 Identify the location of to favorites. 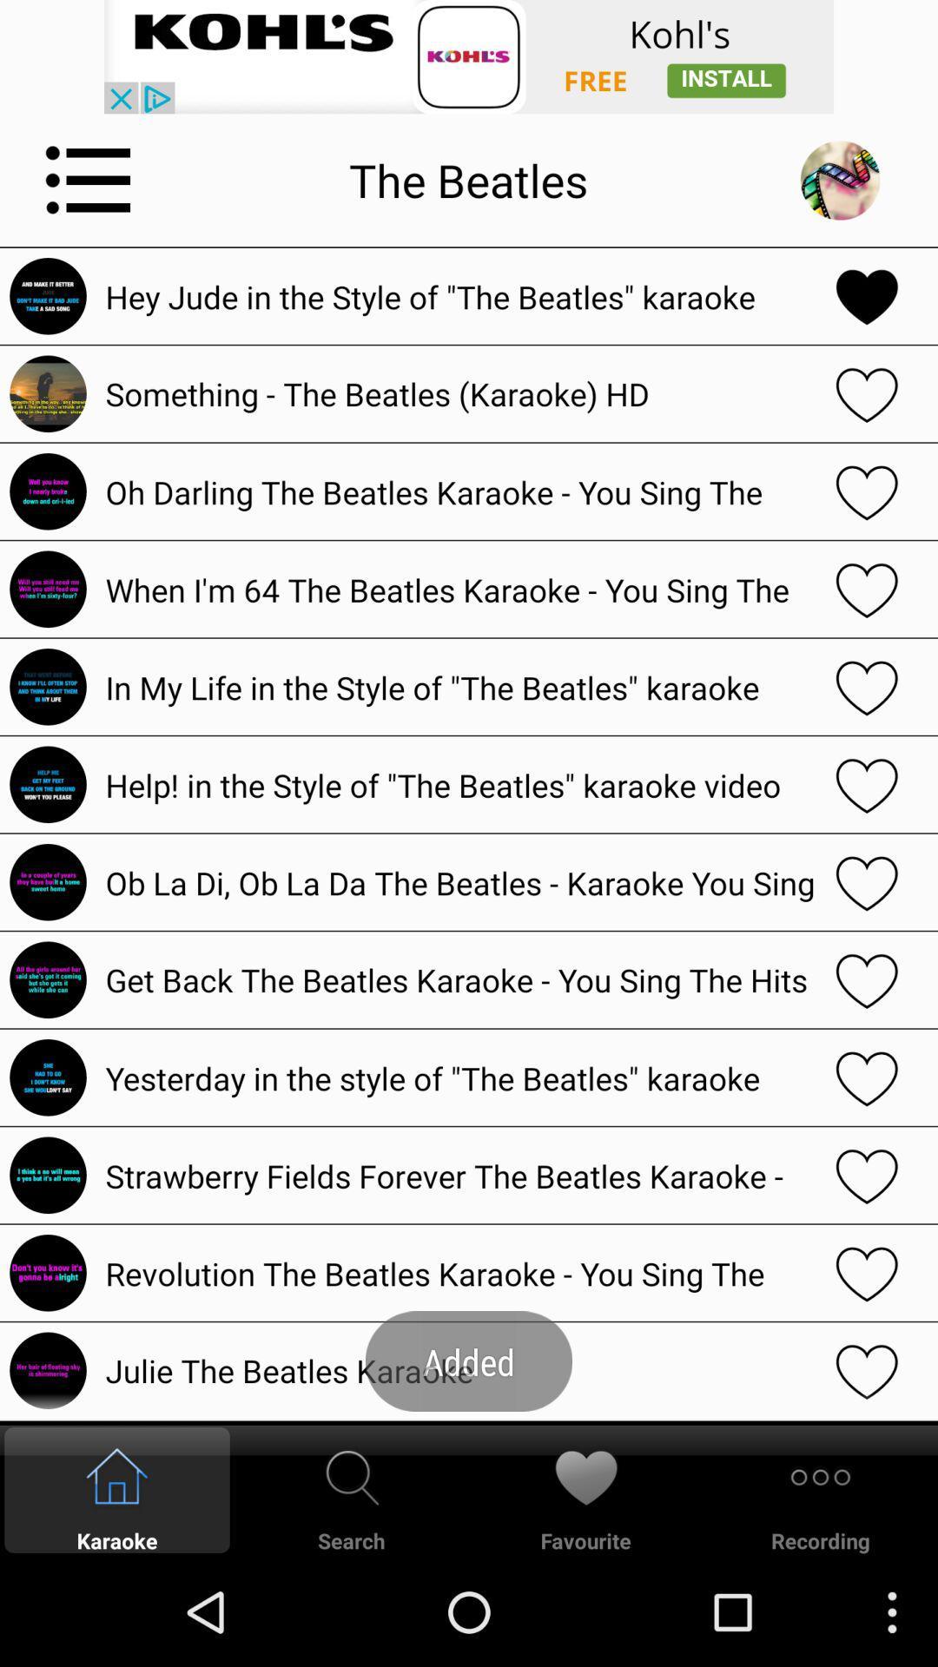
(867, 491).